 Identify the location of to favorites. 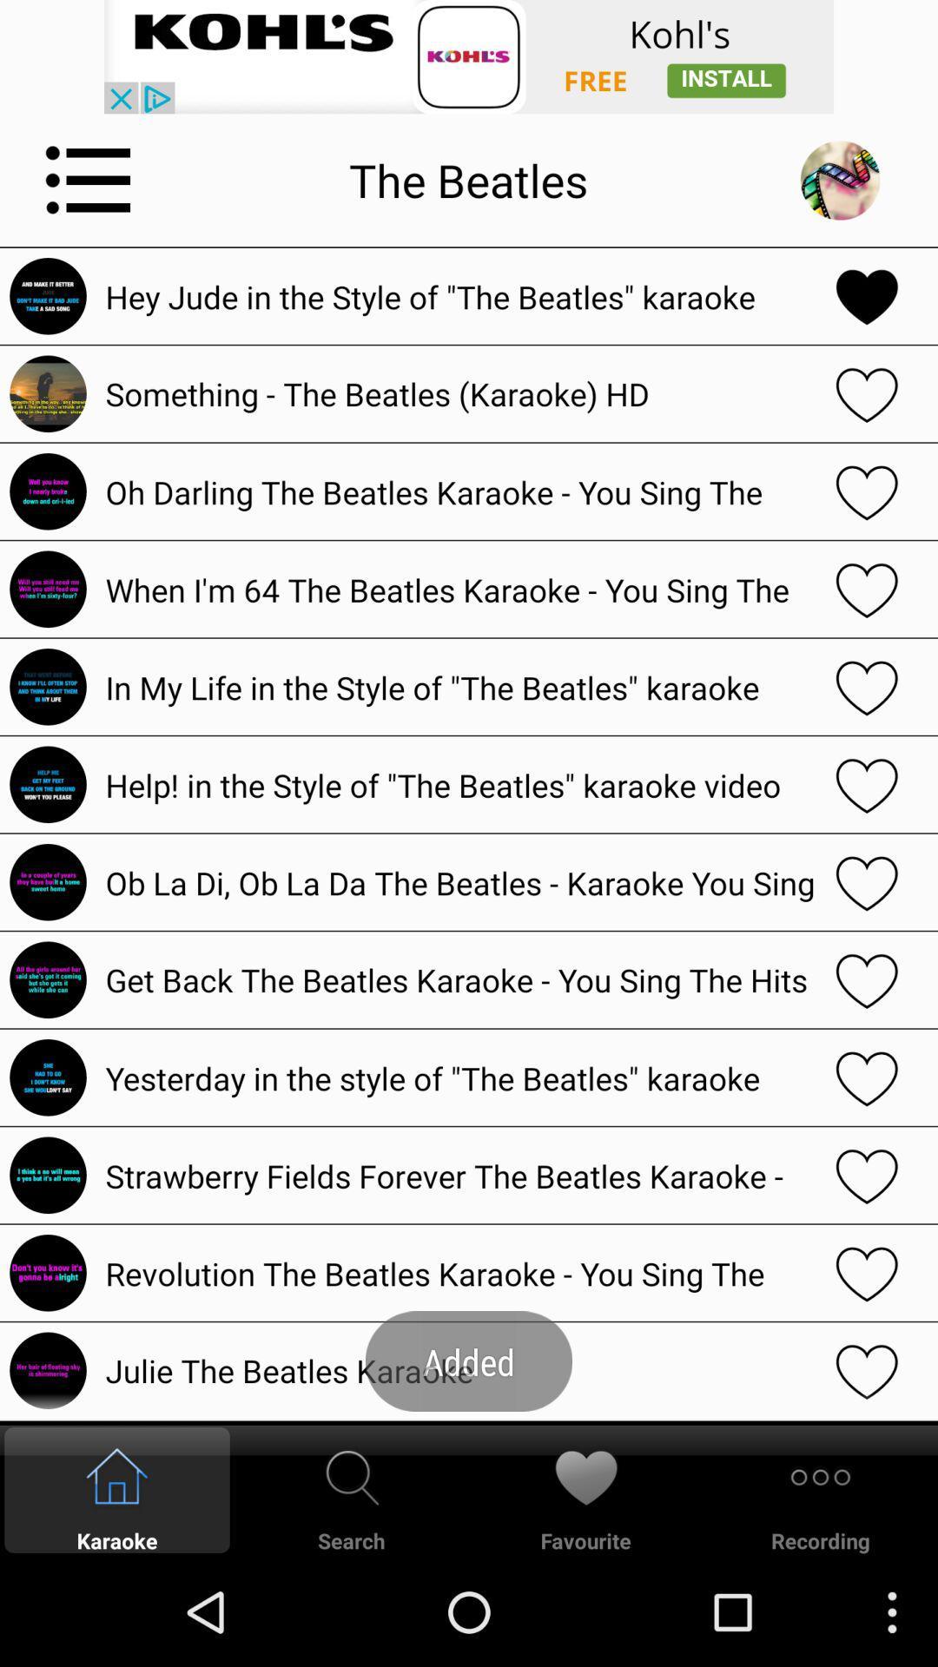
(867, 491).